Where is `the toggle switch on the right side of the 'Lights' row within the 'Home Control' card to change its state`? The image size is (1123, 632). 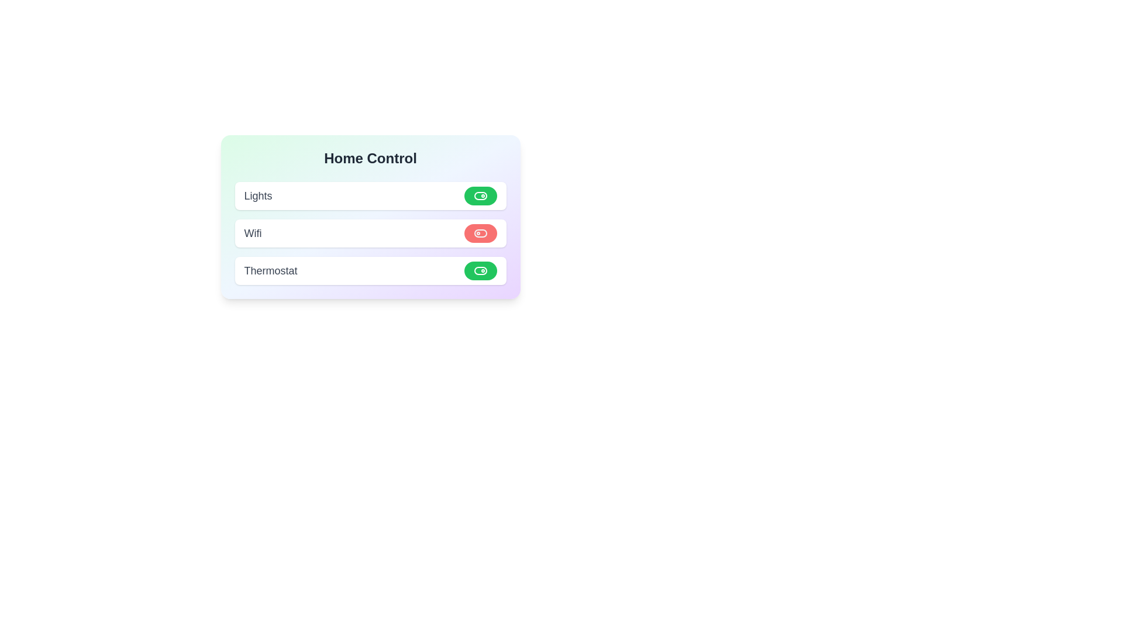 the toggle switch on the right side of the 'Lights' row within the 'Home Control' card to change its state is located at coordinates (480, 195).